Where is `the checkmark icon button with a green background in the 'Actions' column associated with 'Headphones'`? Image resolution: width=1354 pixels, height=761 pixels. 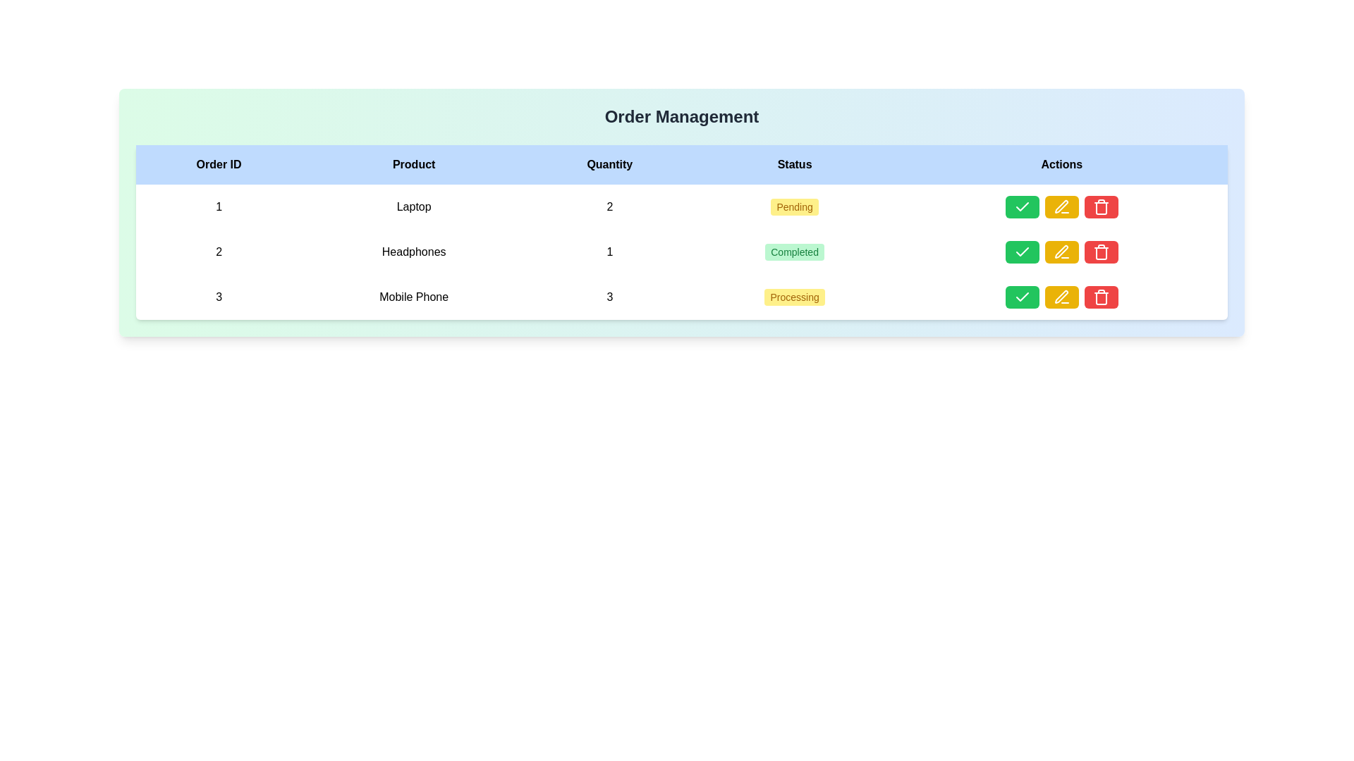 the checkmark icon button with a green background in the 'Actions' column associated with 'Headphones' is located at coordinates (1022, 252).